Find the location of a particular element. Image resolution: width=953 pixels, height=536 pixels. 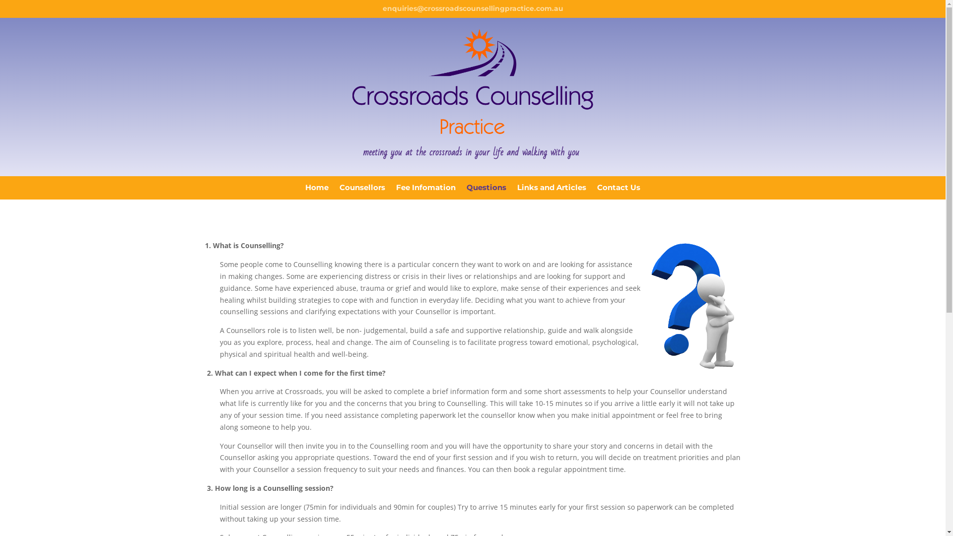

'Home' is located at coordinates (304, 189).